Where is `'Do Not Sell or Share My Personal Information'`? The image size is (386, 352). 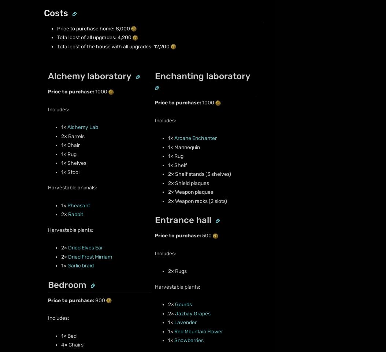 'Do Not Sell or Share My Personal Information' is located at coordinates (210, 219).